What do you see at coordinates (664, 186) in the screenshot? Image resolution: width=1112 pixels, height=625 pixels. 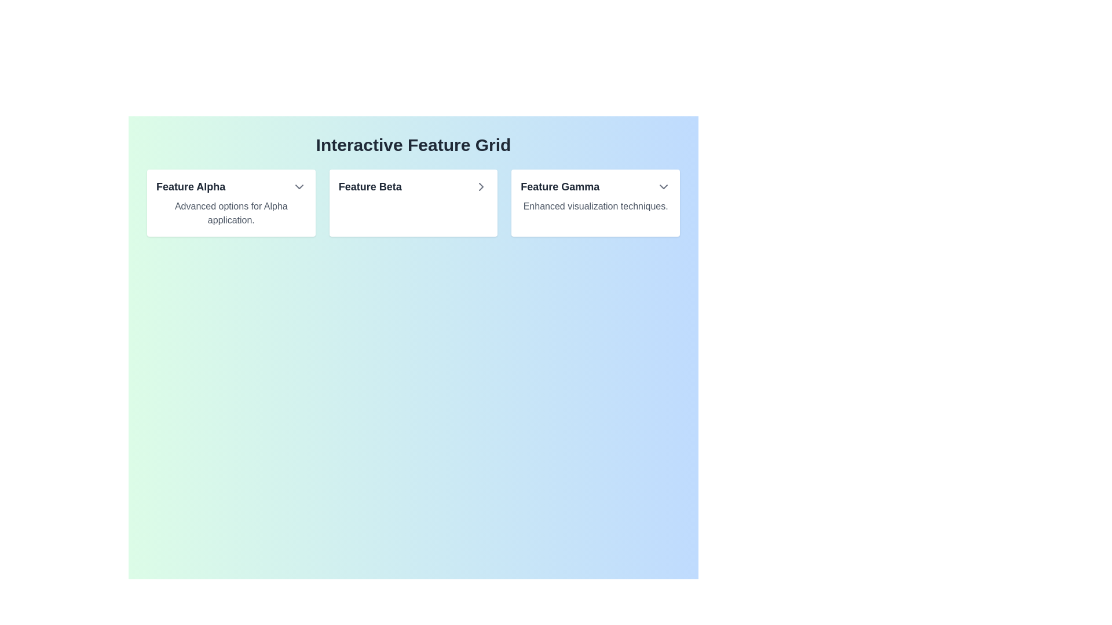 I see `the Dropdown trigger icon located to the right of the title 'Feature Gamma'` at bounding box center [664, 186].